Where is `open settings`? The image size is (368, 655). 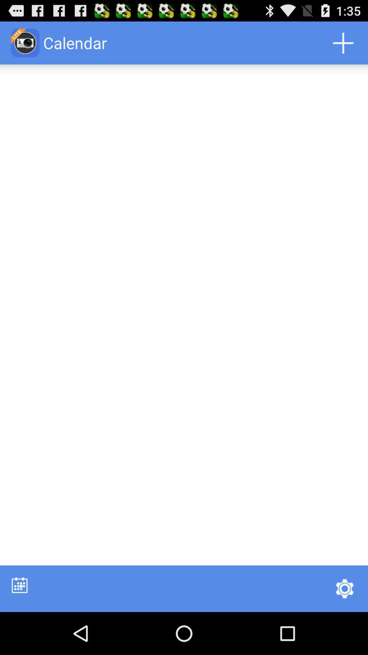 open settings is located at coordinates (344, 588).